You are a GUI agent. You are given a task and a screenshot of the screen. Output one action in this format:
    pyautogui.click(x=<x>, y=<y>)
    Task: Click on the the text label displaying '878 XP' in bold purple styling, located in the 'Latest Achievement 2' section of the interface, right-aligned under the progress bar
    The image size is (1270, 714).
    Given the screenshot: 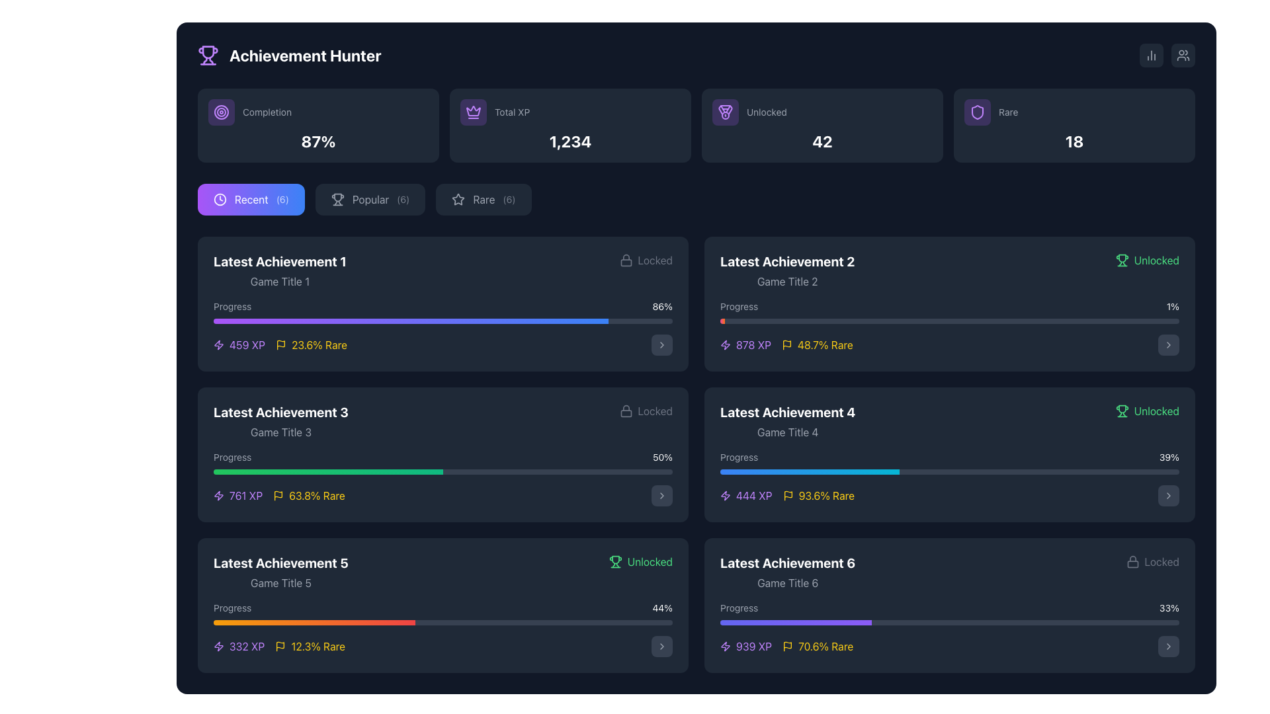 What is the action you would take?
    pyautogui.click(x=753, y=344)
    